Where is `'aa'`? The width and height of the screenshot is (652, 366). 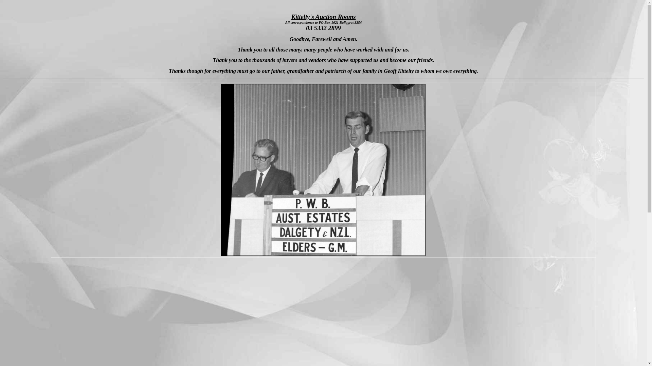
'aa' is located at coordinates (345, 22).